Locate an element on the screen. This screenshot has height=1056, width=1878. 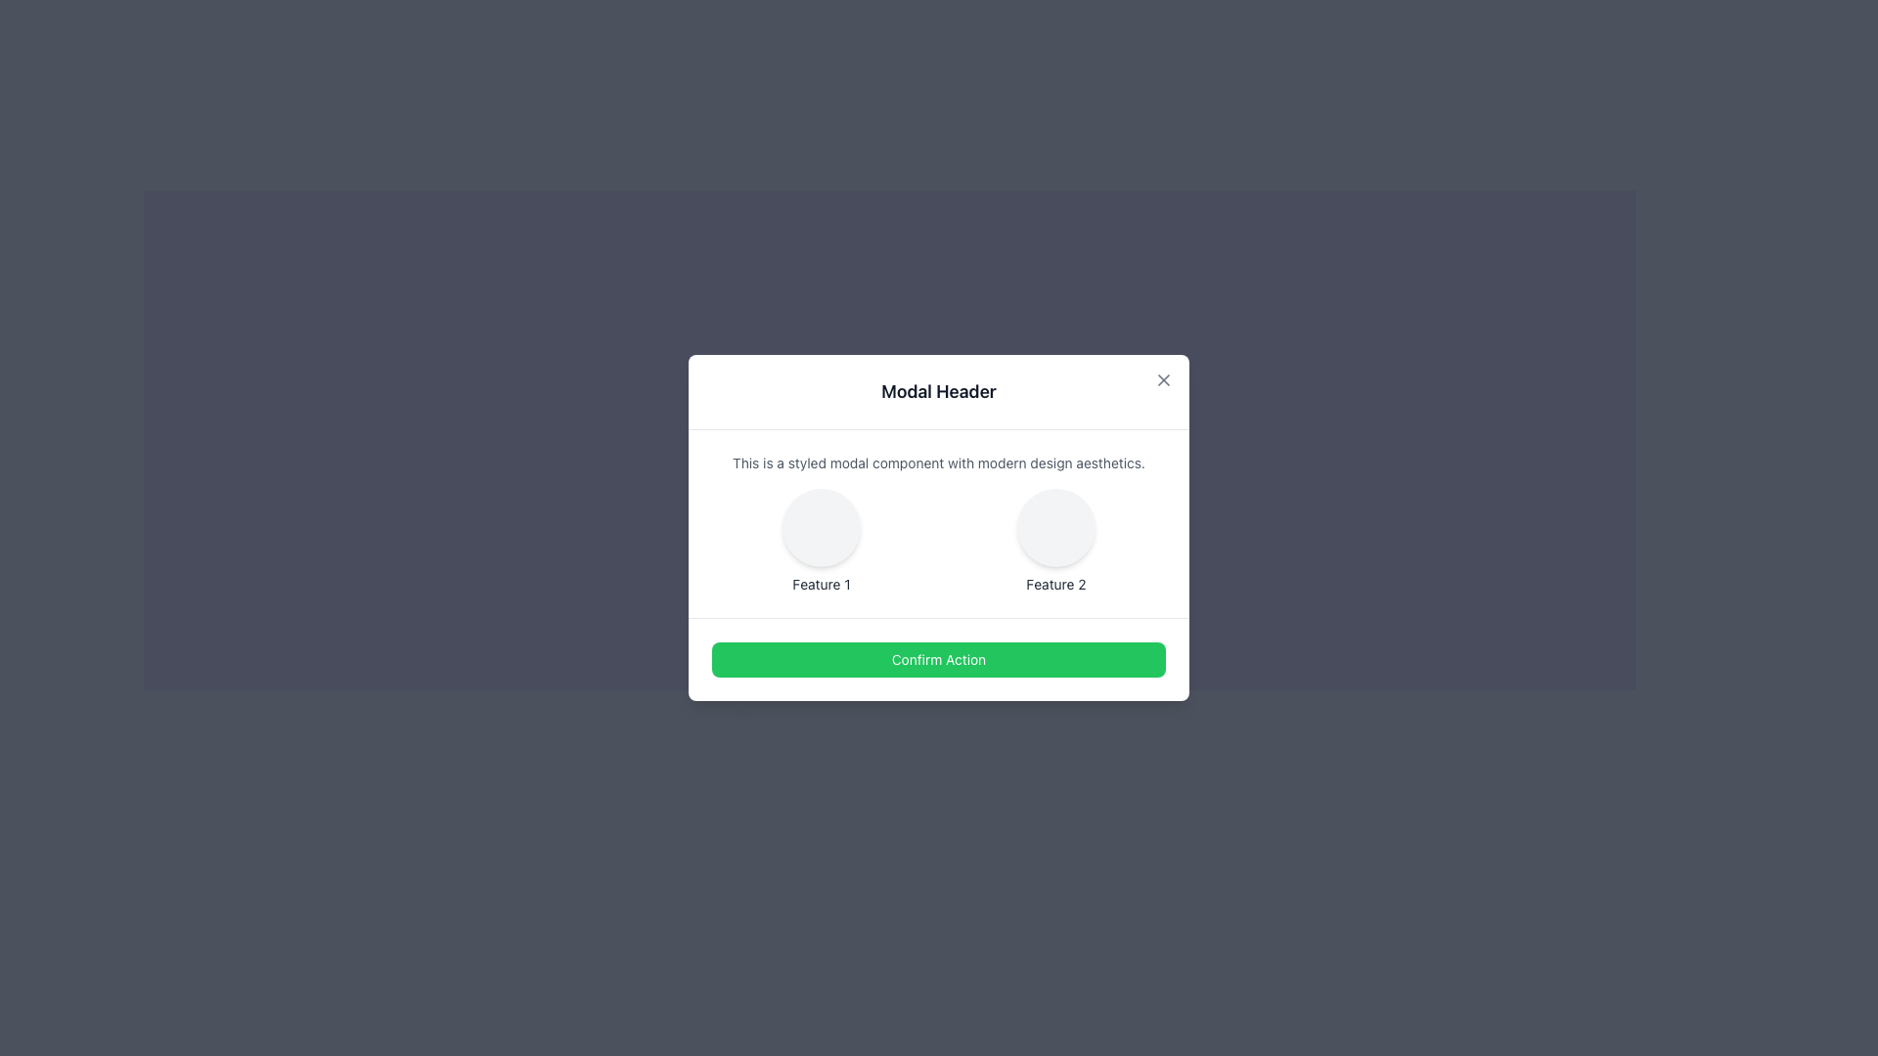
the text label displaying 'Feature 2', which is styled in gray color and located within a modal dialog below a circular graphical element is located at coordinates (1055, 583).